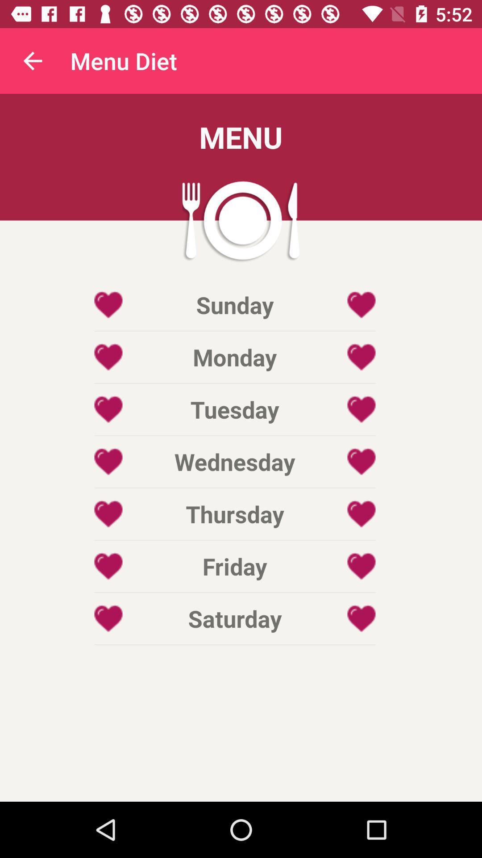 This screenshot has width=482, height=858. Describe the element at coordinates (234, 357) in the screenshot. I see `the icon above tuesday` at that location.